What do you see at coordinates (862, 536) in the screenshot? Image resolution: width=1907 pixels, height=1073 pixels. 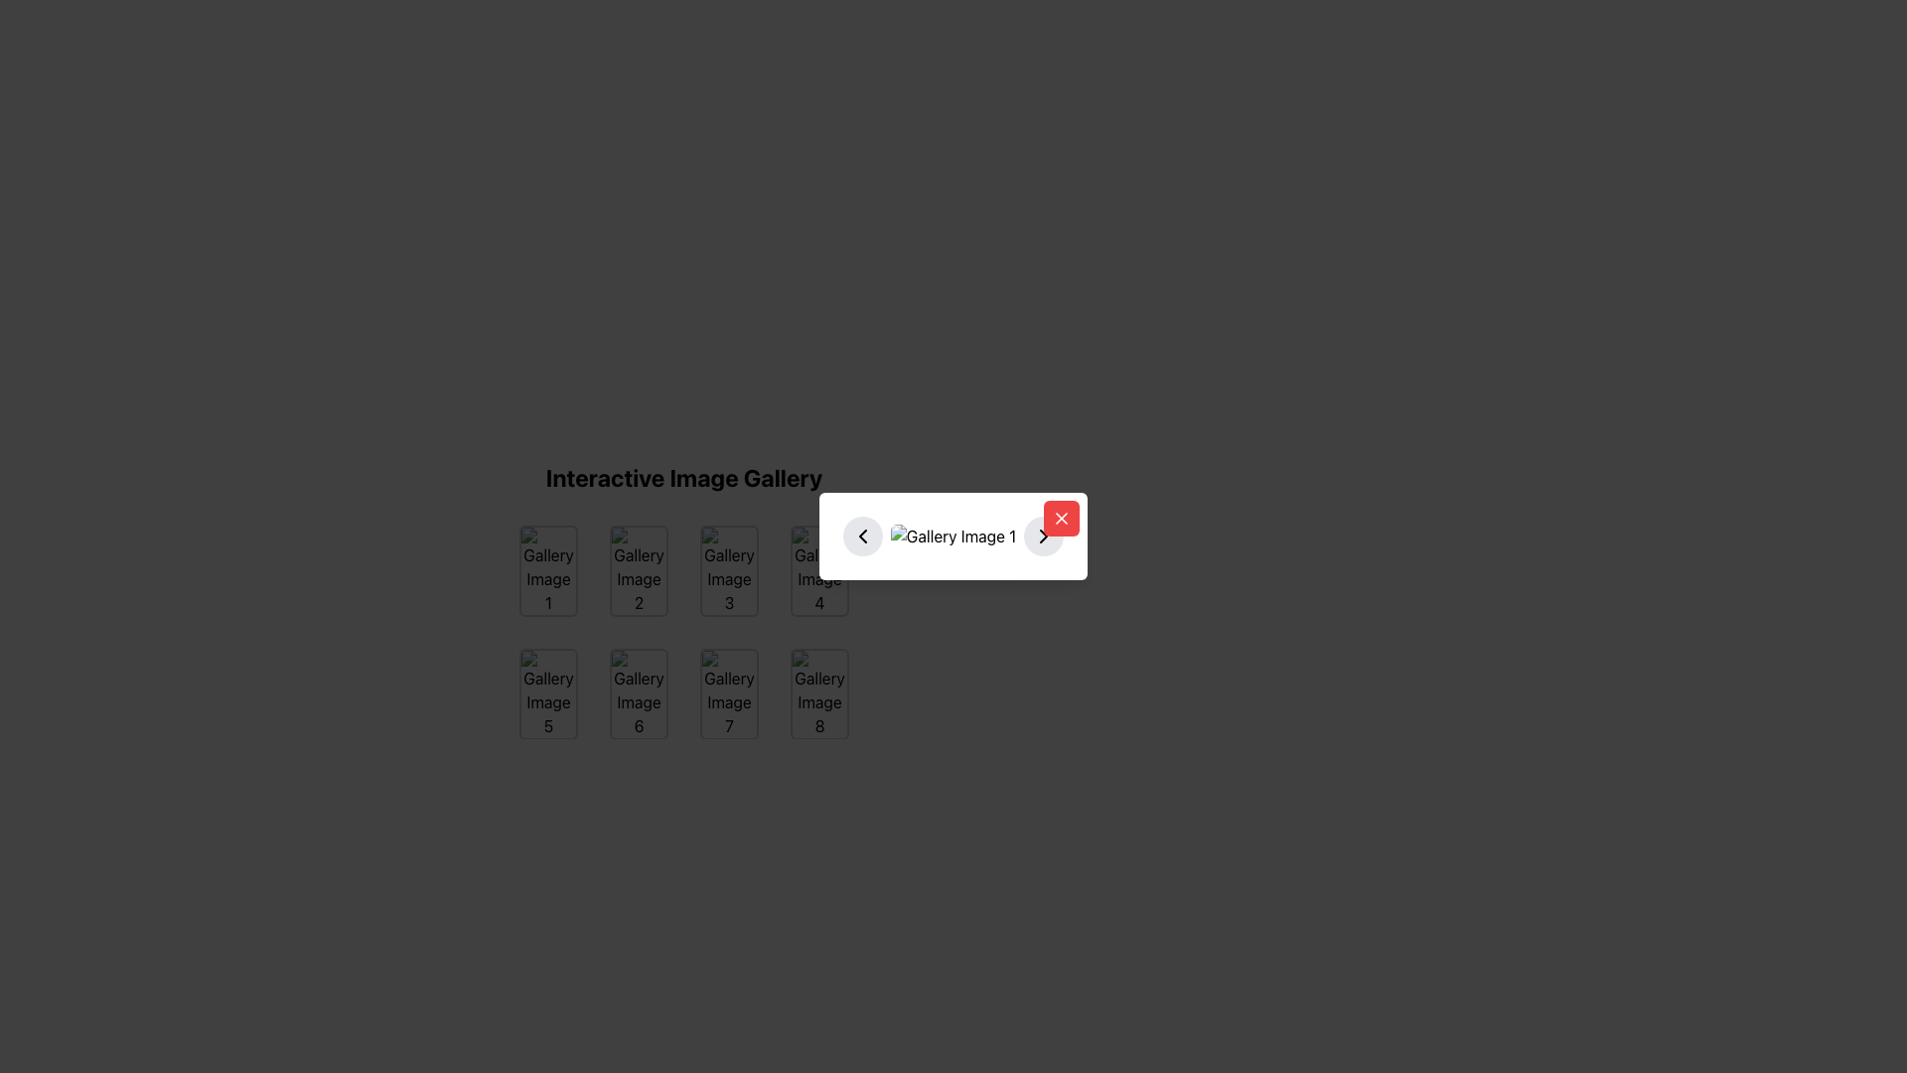 I see `the circular button with a light gray background and a black left-facing chevron symbol, located to the left of 'Gallery Image 1', to observe its styling change` at bounding box center [862, 536].